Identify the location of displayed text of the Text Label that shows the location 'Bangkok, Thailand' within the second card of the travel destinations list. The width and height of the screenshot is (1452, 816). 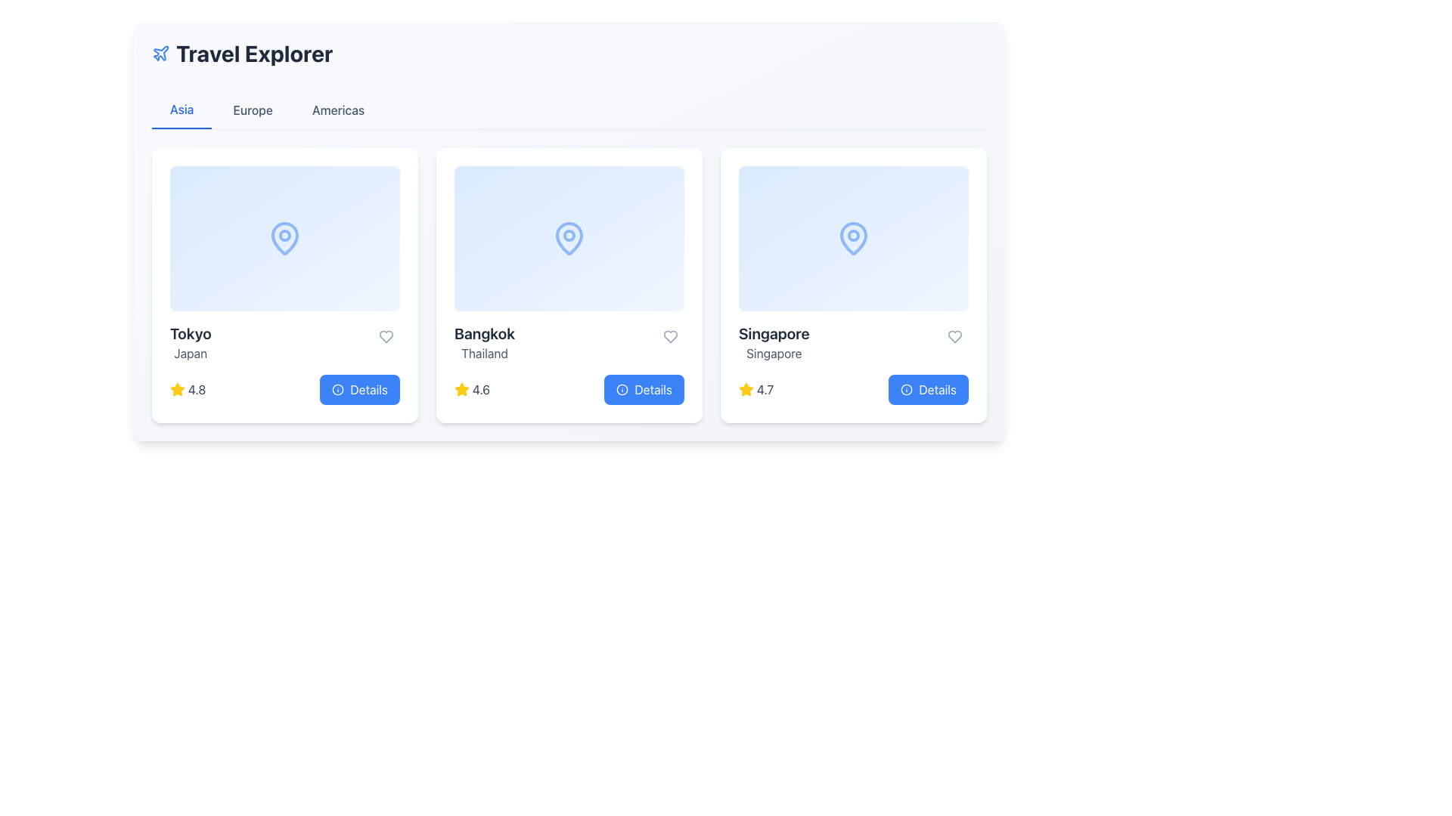
(485, 343).